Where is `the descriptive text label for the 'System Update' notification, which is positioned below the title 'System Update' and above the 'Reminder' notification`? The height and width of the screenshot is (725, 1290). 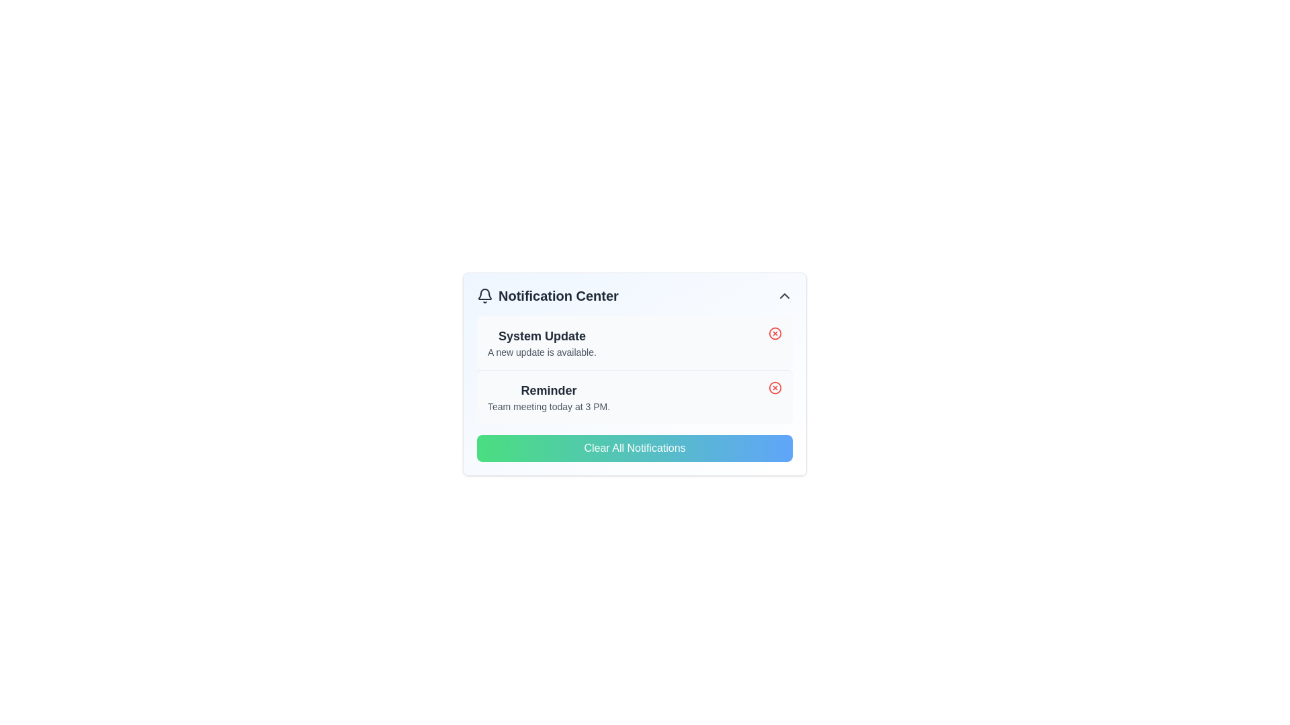 the descriptive text label for the 'System Update' notification, which is positioned below the title 'System Update' and above the 'Reminder' notification is located at coordinates (542, 351).